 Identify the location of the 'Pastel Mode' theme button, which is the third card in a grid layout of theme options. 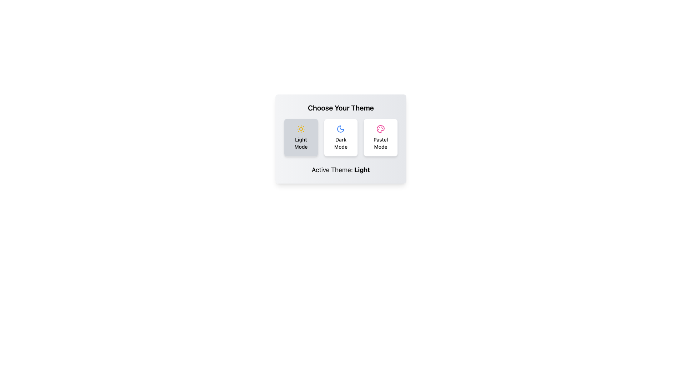
(380, 137).